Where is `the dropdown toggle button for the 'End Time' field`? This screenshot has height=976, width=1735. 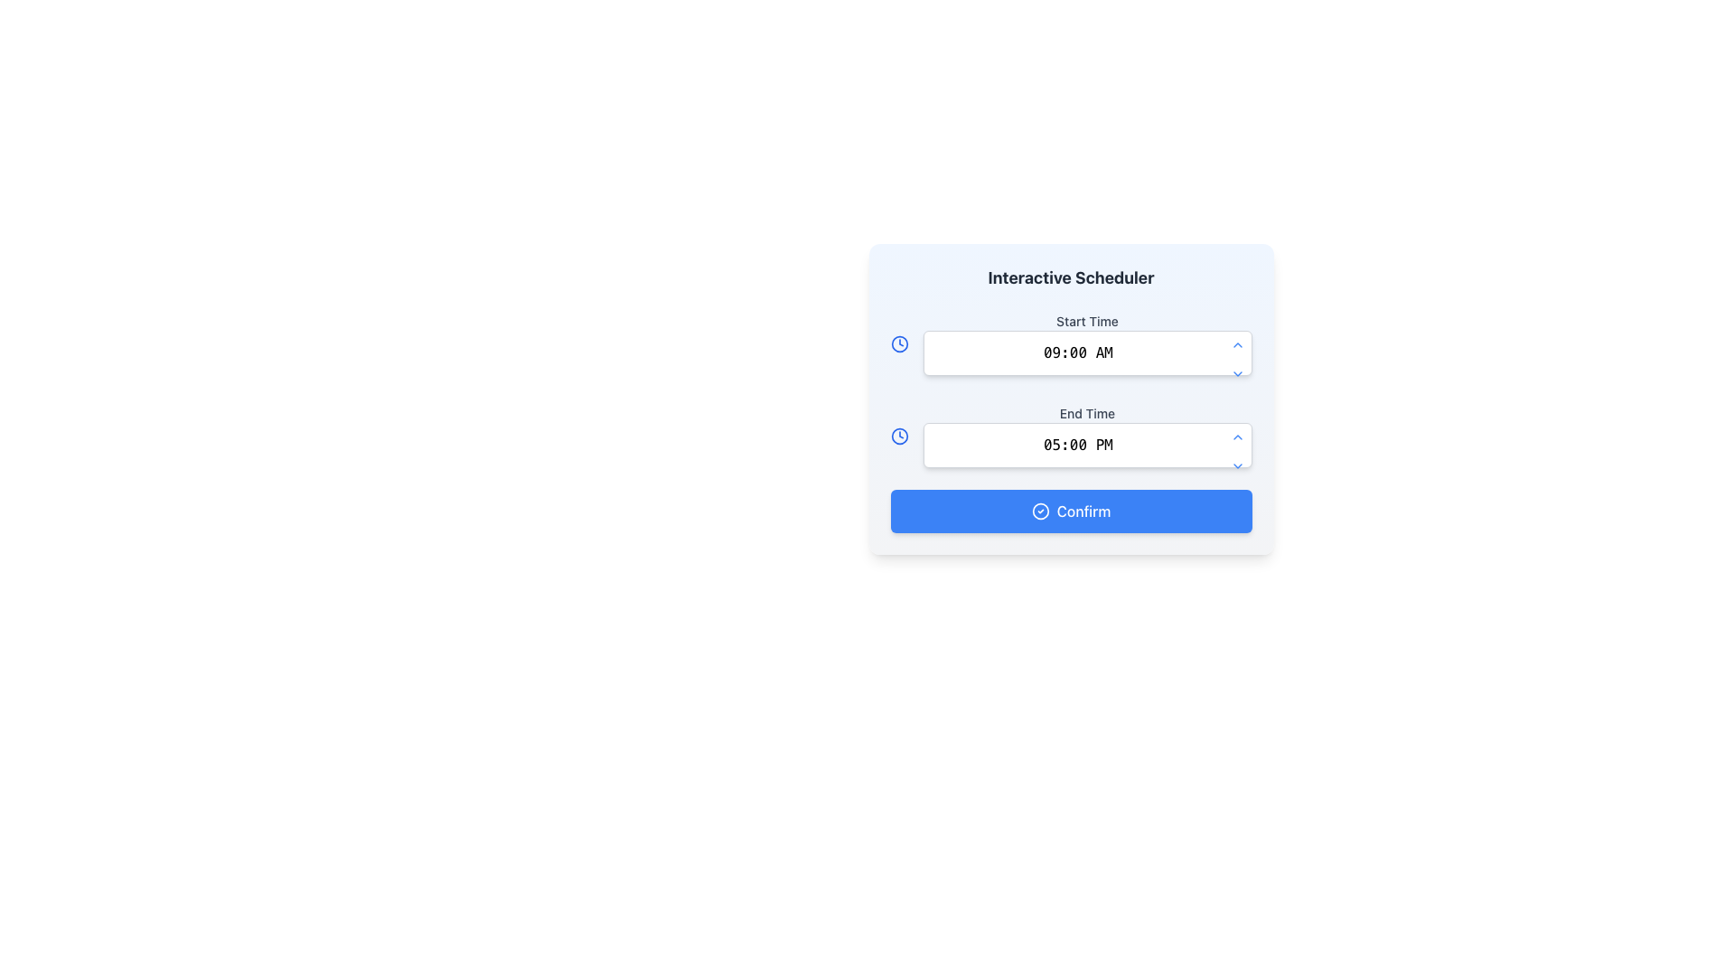 the dropdown toggle button for the 'End Time' field is located at coordinates (1236, 465).